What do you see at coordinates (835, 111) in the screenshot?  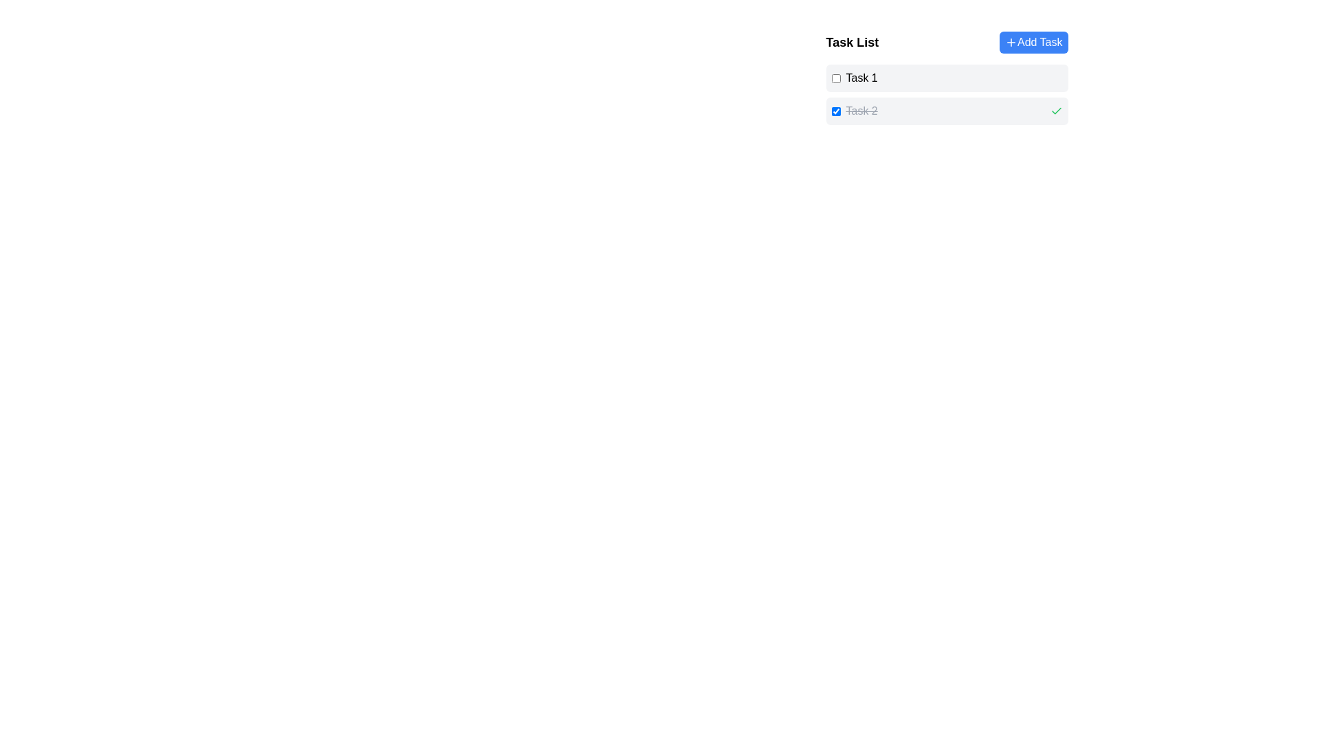 I see `the checkbox for 'Task 2'` at bounding box center [835, 111].